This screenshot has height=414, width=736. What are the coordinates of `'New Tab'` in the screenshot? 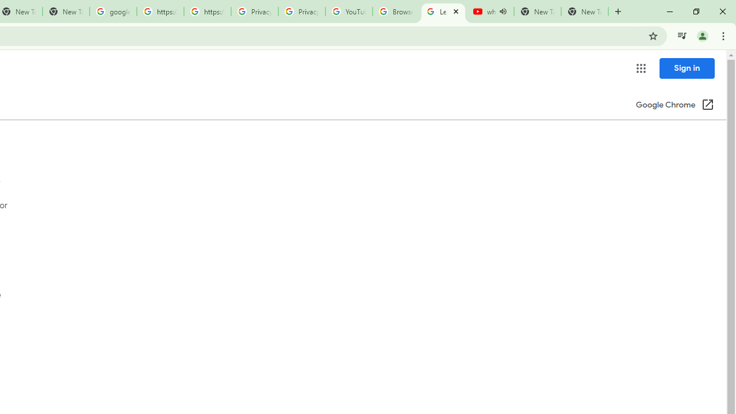 It's located at (584, 11).